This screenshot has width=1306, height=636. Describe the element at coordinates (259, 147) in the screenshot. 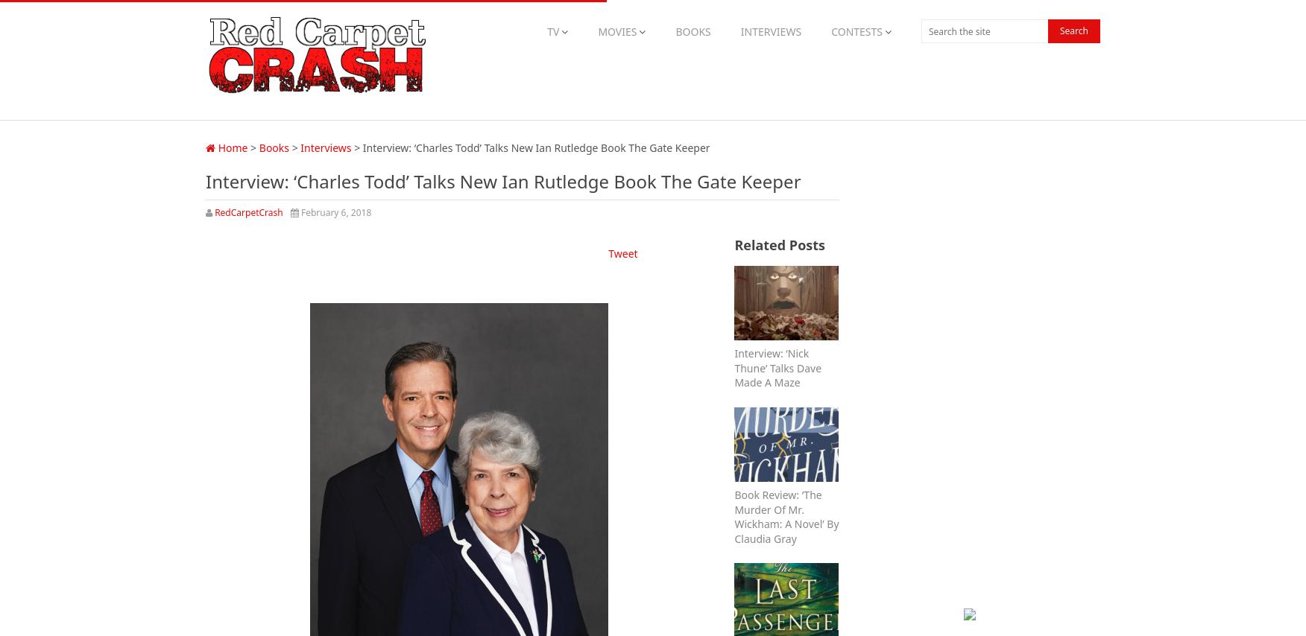

I see `'Books'` at that location.